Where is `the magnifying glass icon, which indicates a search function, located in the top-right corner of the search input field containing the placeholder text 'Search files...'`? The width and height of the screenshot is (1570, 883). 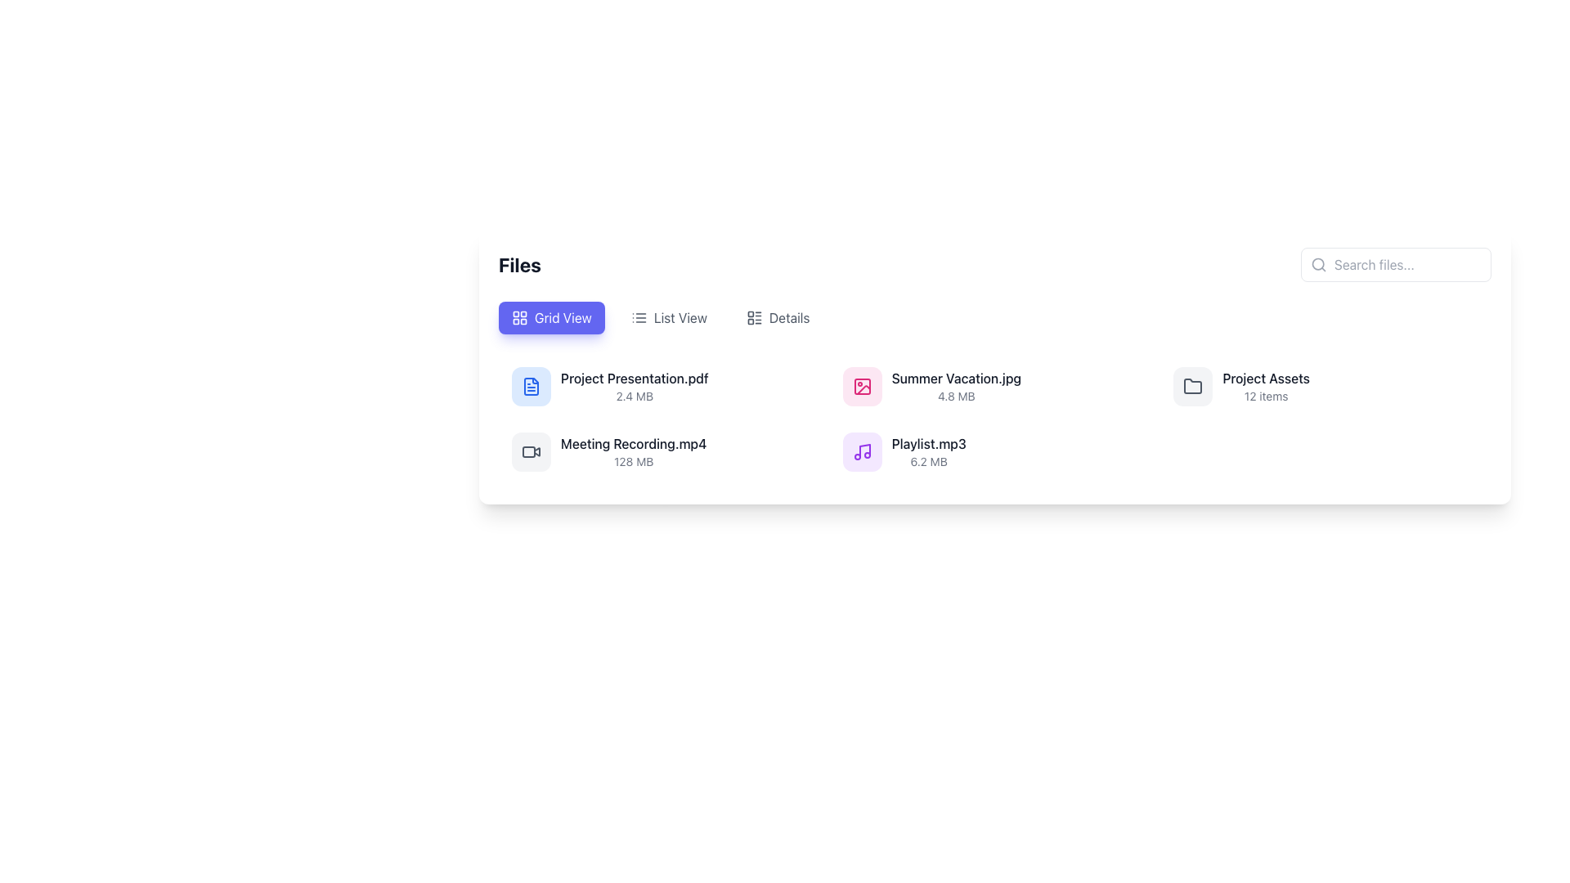 the magnifying glass icon, which indicates a search function, located in the top-right corner of the search input field containing the placeholder text 'Search files...' is located at coordinates (1318, 264).